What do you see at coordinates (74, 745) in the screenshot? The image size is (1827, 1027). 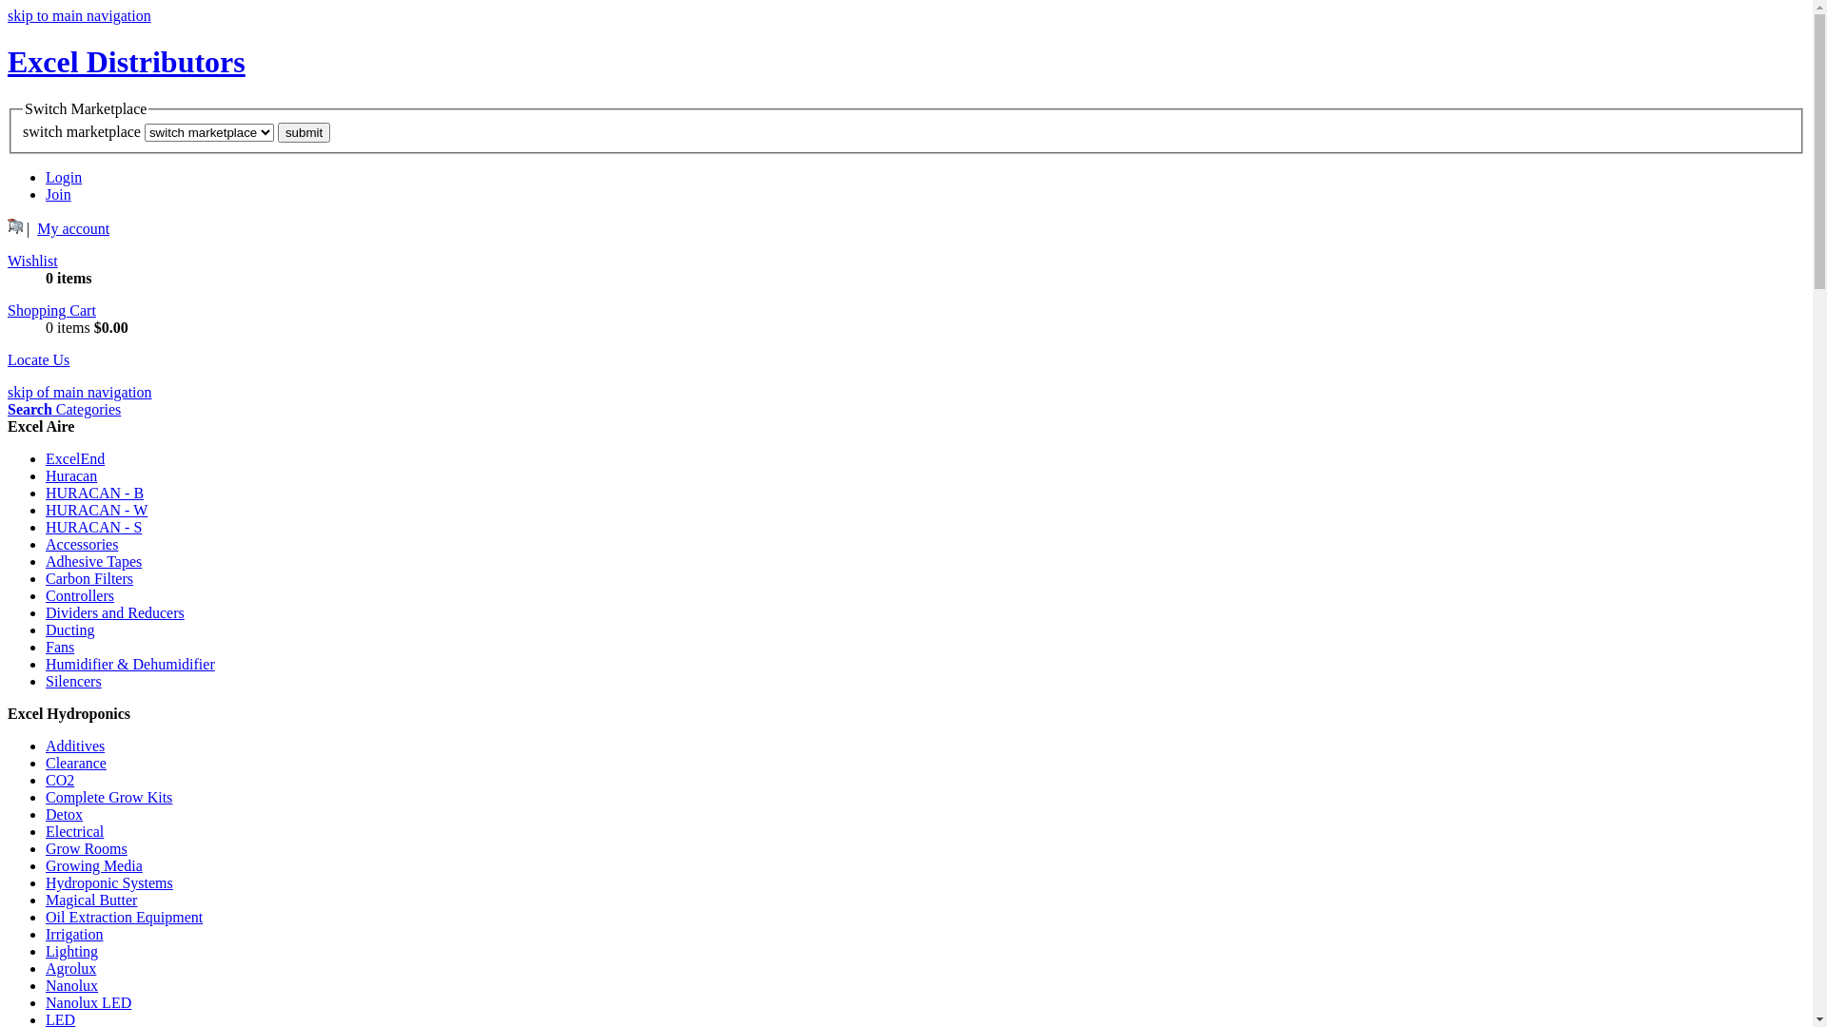 I see `'Additives'` at bounding box center [74, 745].